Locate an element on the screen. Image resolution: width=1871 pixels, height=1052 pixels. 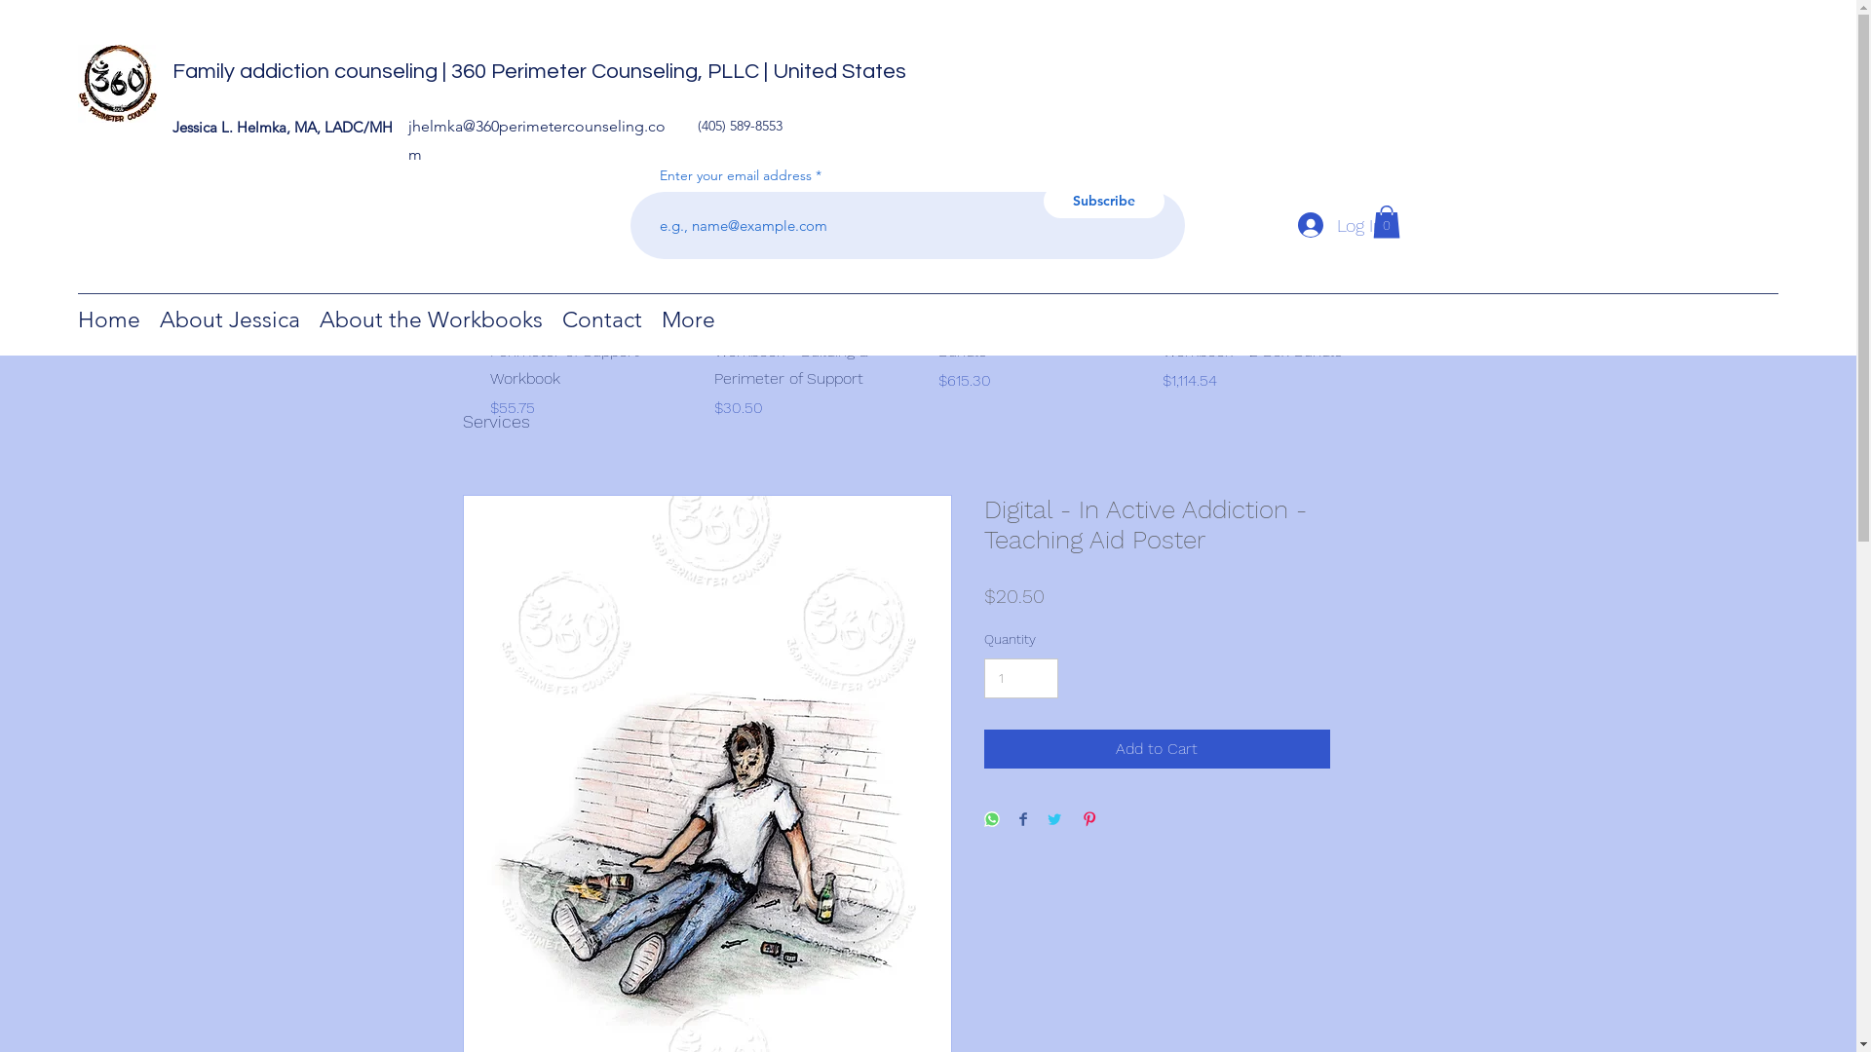
'Contact' is located at coordinates (601, 318).